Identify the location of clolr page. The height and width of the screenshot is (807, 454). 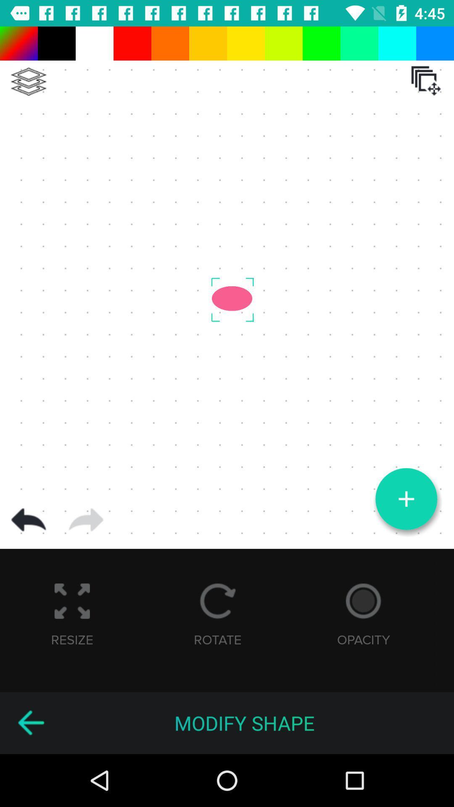
(28, 82).